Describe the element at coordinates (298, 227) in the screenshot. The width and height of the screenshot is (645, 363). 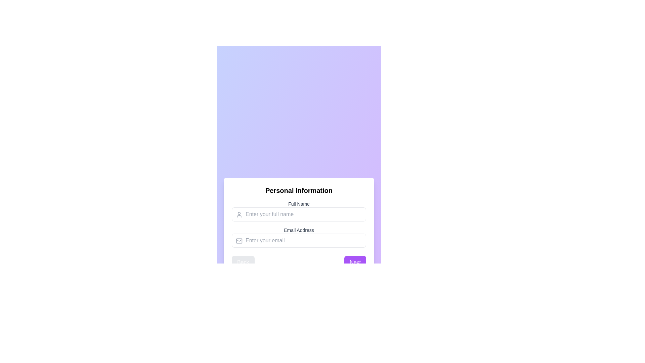
I see `the 'Email Address' input field in the white rectangular card titled 'Personal Information' to type in an email` at that location.